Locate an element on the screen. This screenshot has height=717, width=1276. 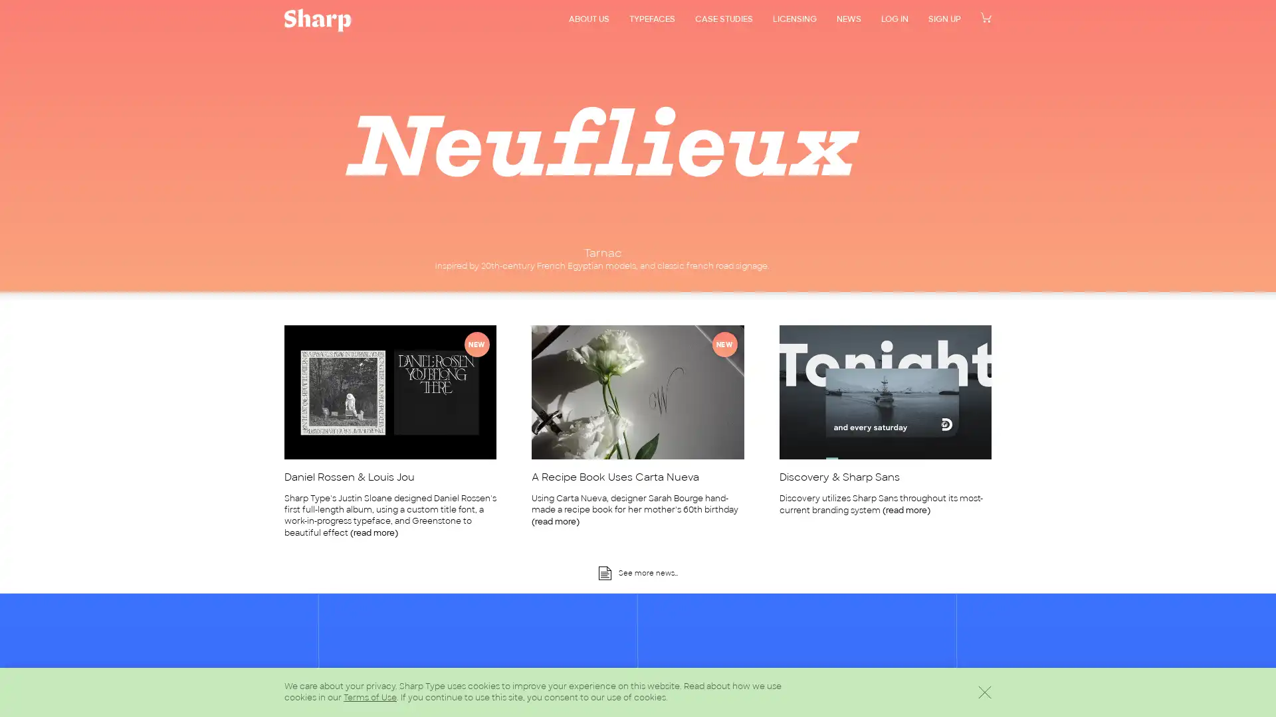
Scroll back to the top is located at coordinates (1252, 693).